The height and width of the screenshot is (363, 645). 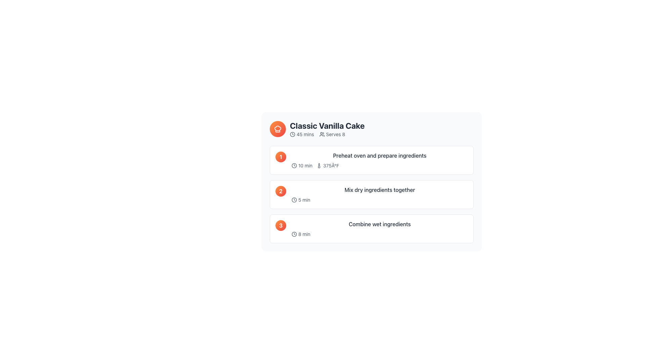 What do you see at coordinates (301, 134) in the screenshot?
I see `the Text with icon that informs users of the total estimated time, located to the left of the 'Serves 8' information, which is the first of two horizontally arranged elements` at bounding box center [301, 134].